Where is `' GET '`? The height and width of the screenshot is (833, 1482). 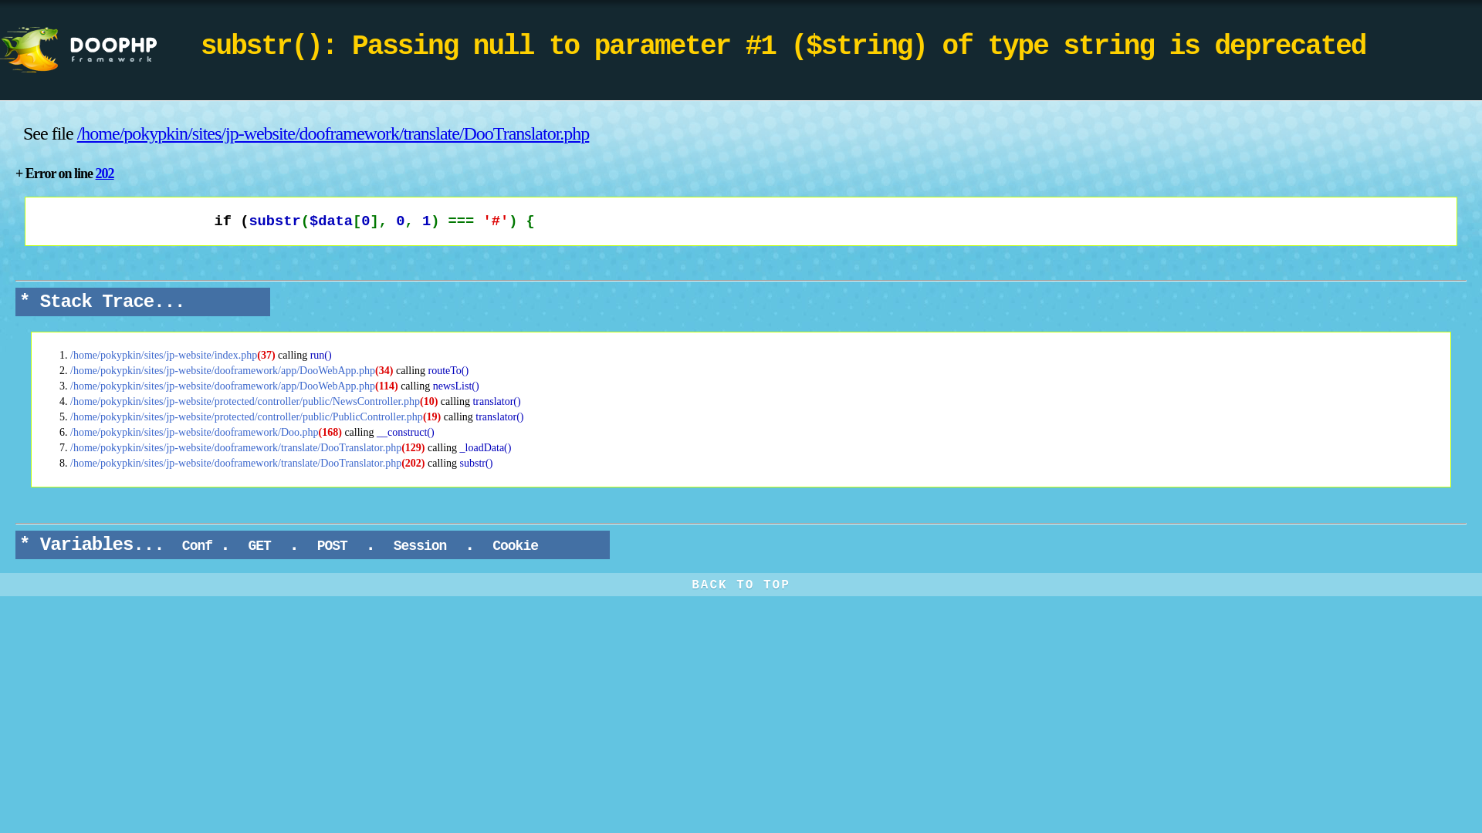 ' GET ' is located at coordinates (259, 545).